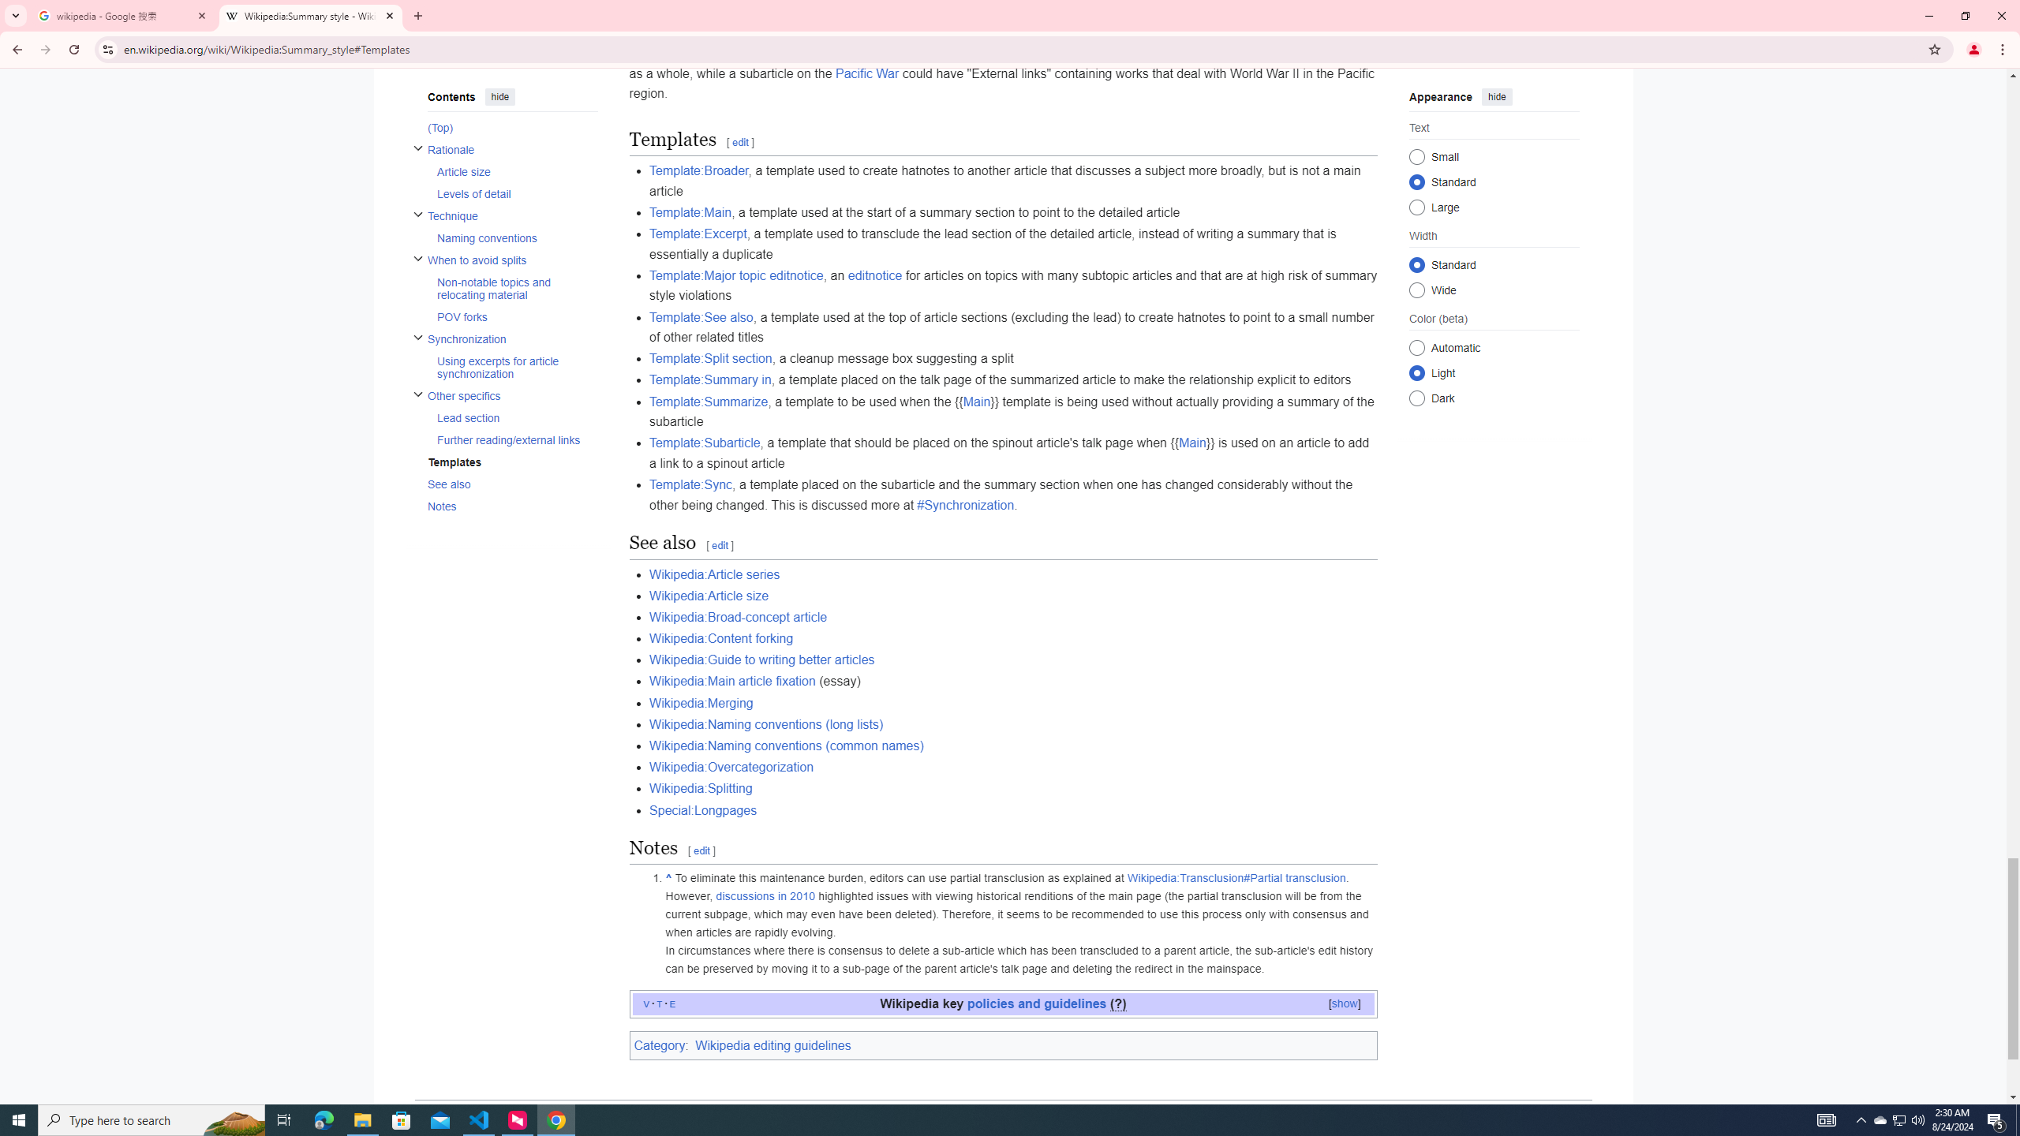 Image resolution: width=2020 pixels, height=1136 pixels. I want to click on 'Templates', so click(511, 461).